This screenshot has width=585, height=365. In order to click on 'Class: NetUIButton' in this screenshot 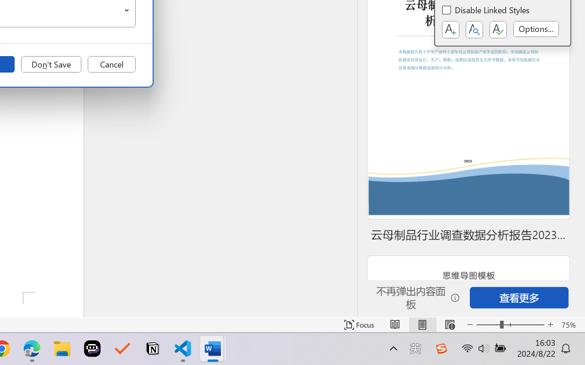, I will do `click(497, 29)`.